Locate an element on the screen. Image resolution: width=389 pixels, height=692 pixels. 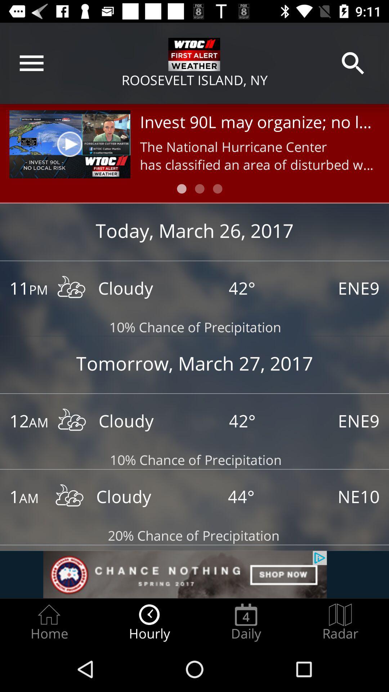
the item next to the hourly radio button is located at coordinates (49, 622).